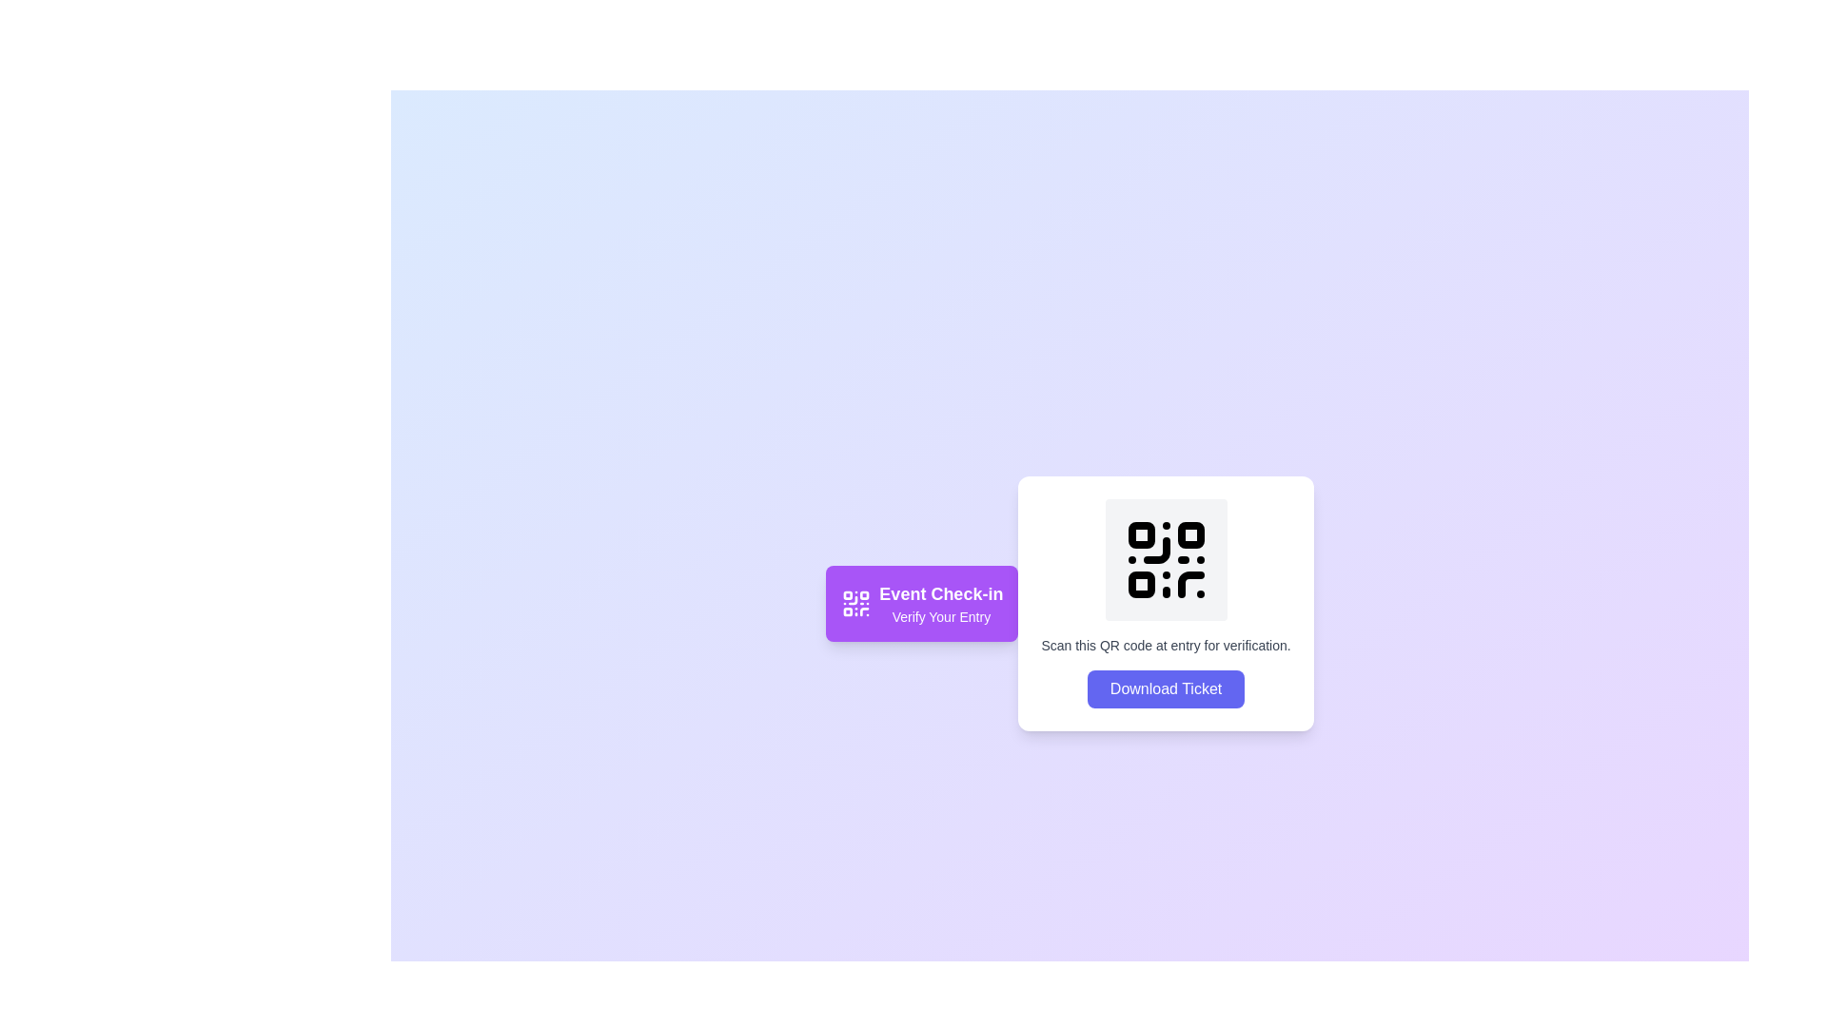  I want to click on the QR code icon located within the purple rectangle labeled 'Event Check-in' and 'Verify Your Entry', so click(855, 604).